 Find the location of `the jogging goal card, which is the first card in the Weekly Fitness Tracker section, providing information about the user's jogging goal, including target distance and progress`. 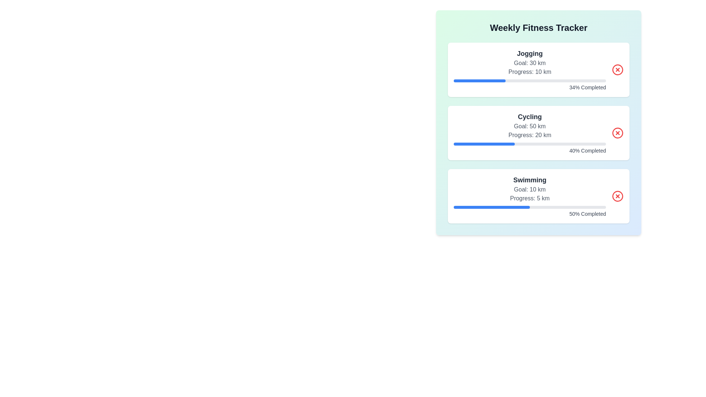

the jogging goal card, which is the first card in the Weekly Fitness Tracker section, providing information about the user's jogging goal, including target distance and progress is located at coordinates (538, 69).